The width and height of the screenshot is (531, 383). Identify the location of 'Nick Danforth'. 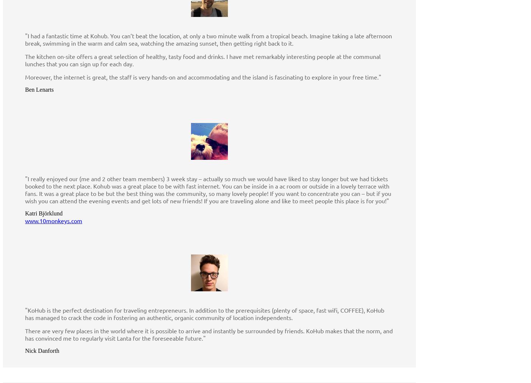
(42, 351).